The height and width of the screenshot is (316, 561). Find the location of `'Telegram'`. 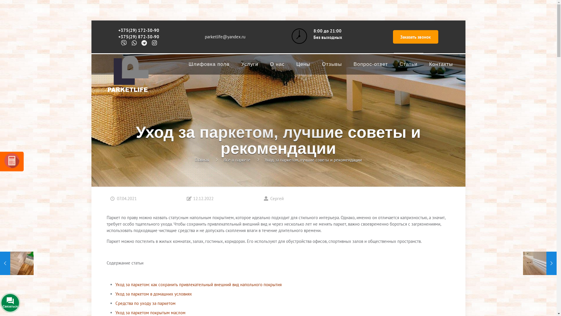

'Telegram' is located at coordinates (54, 301).